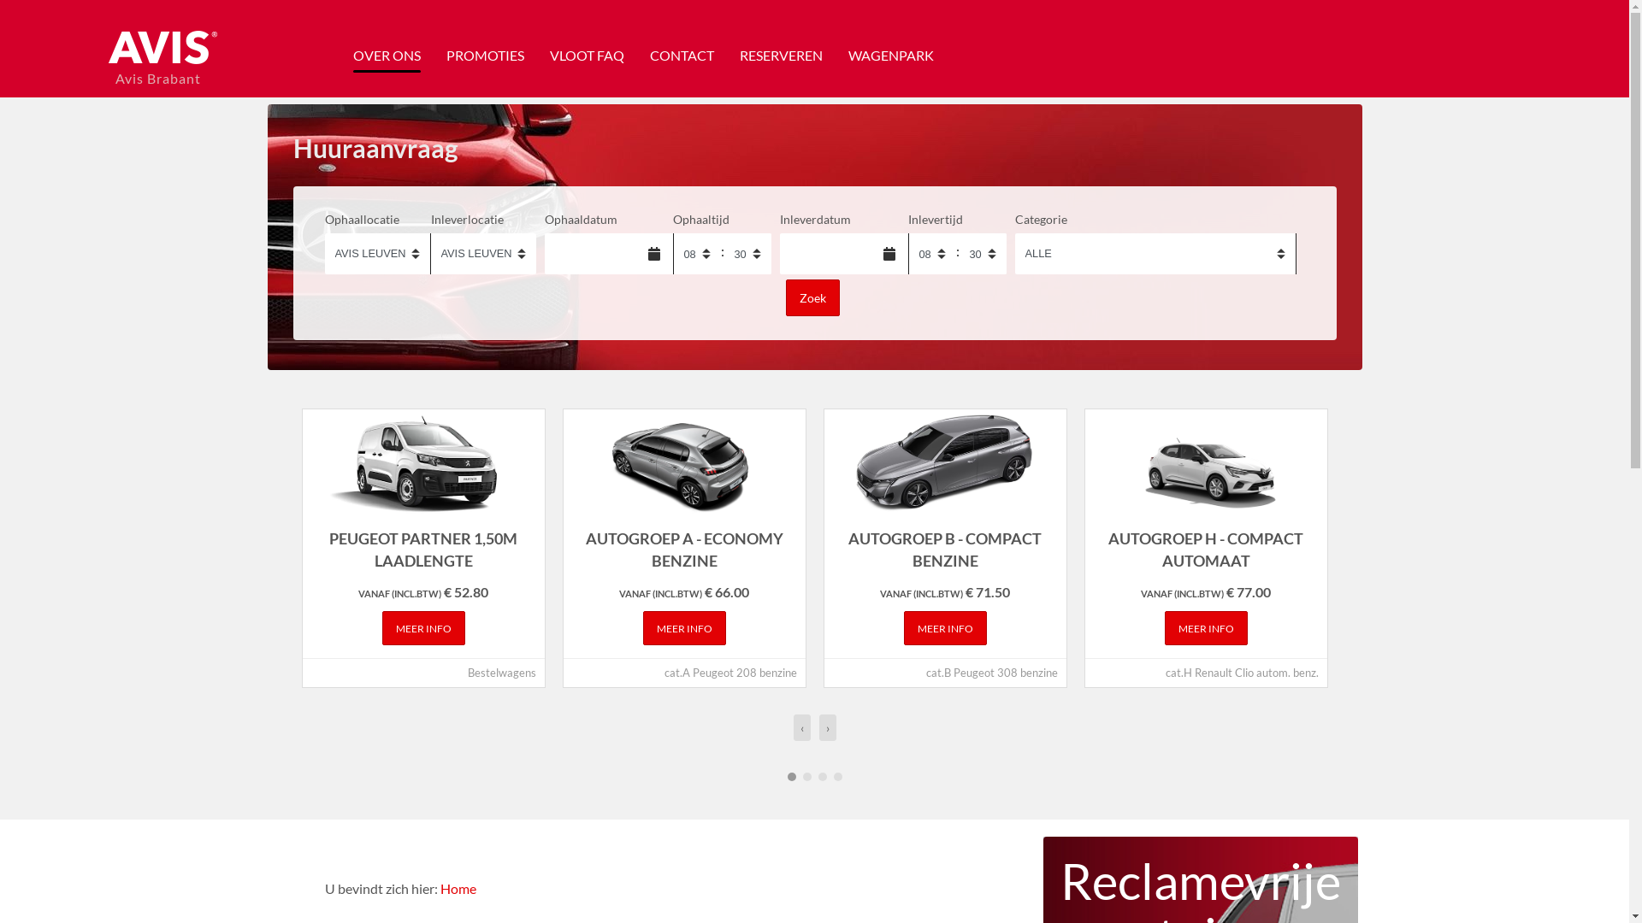 The height and width of the screenshot is (923, 1642). Describe the element at coordinates (160, 59) in the screenshot. I see `'Avis Brabant'` at that location.